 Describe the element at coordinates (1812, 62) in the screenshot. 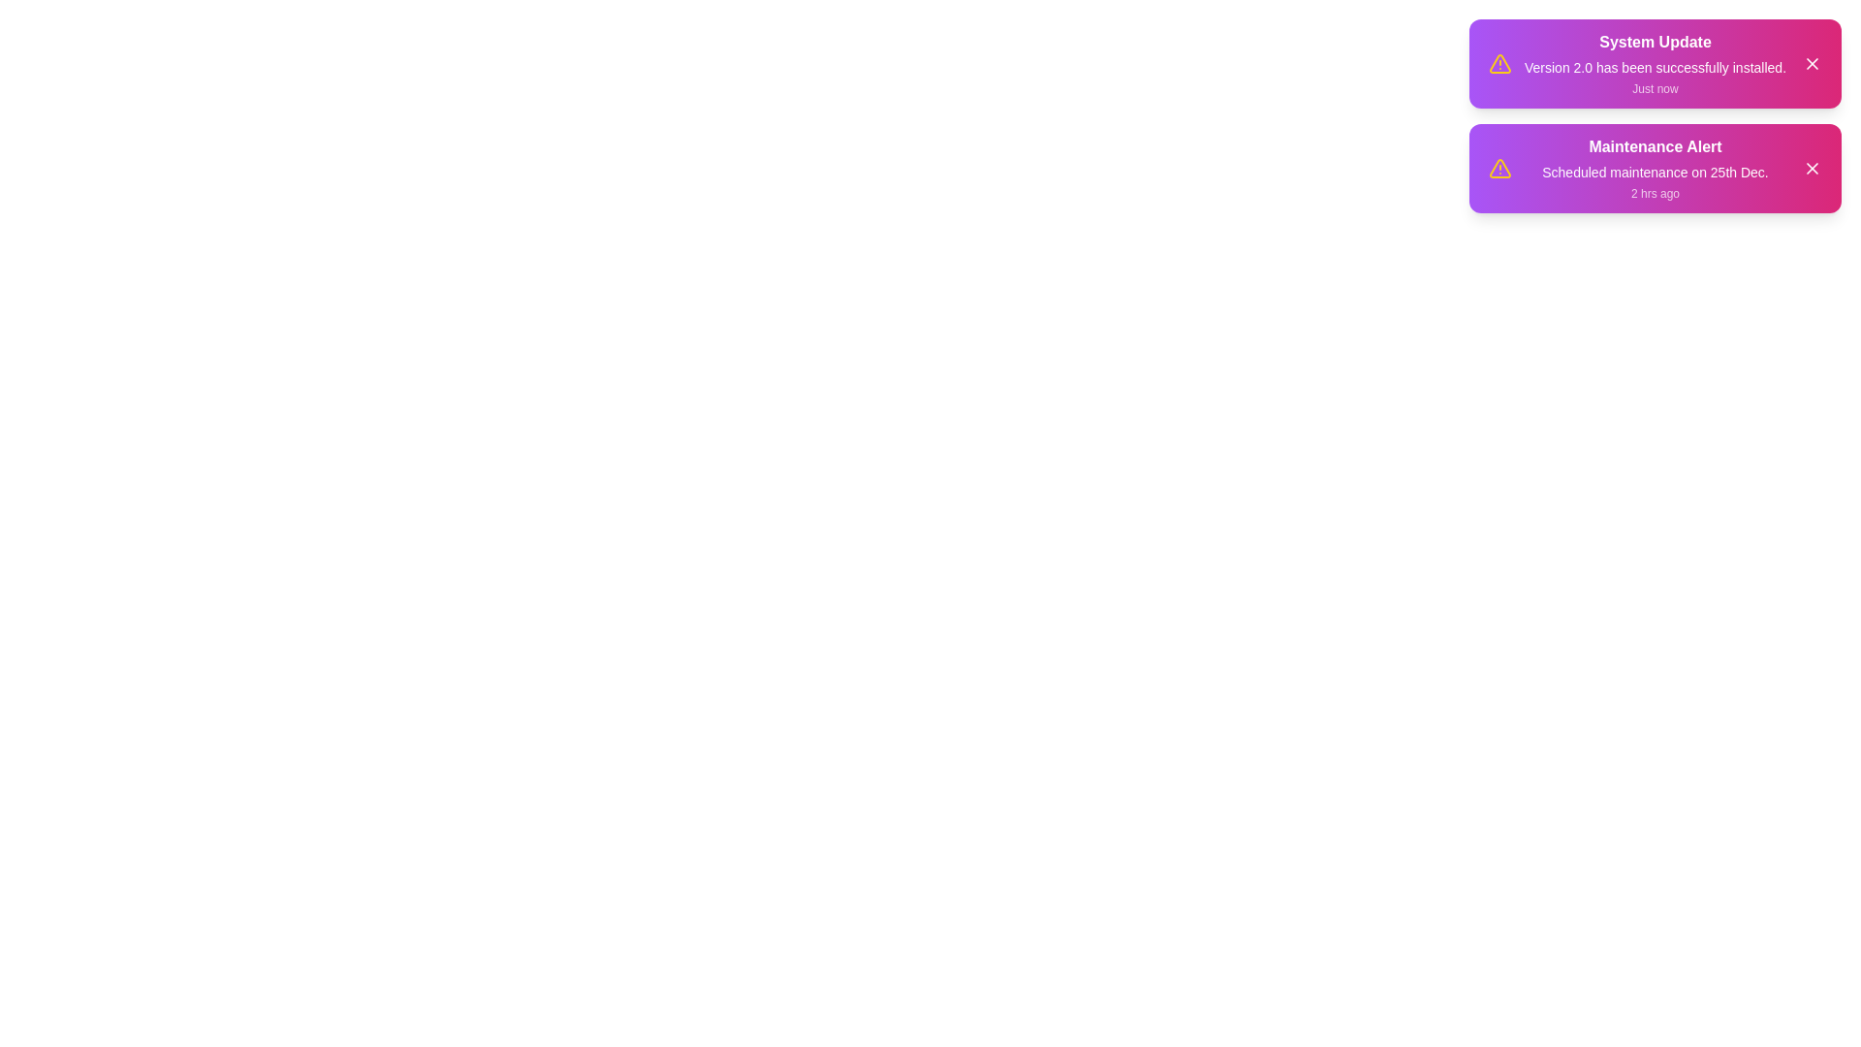

I see `close button of the notification with title System Update` at that location.